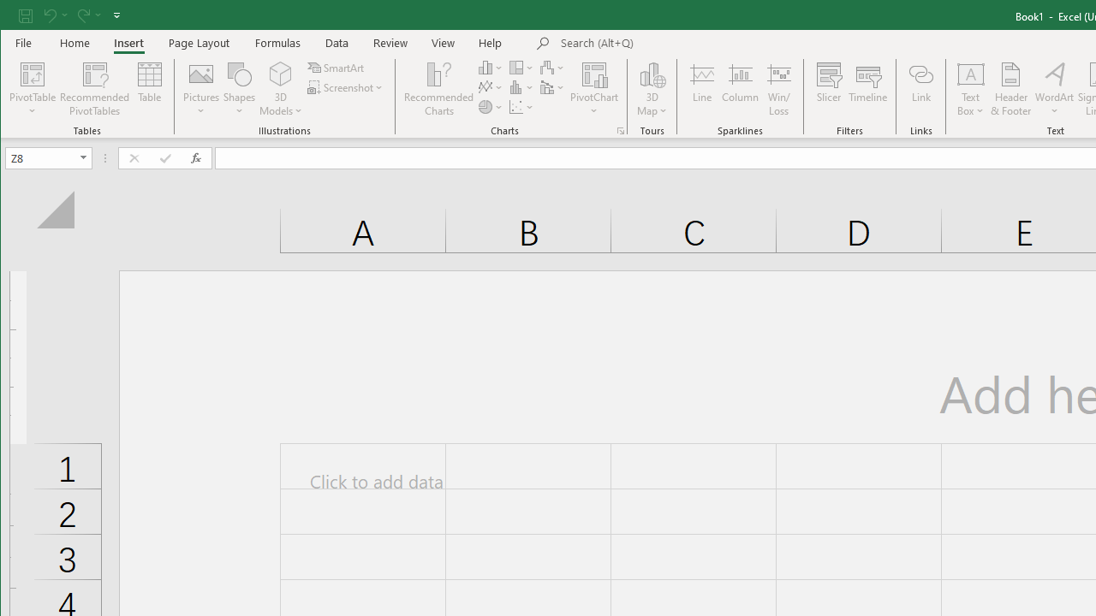  I want to click on 'PivotTable', so click(33, 89).